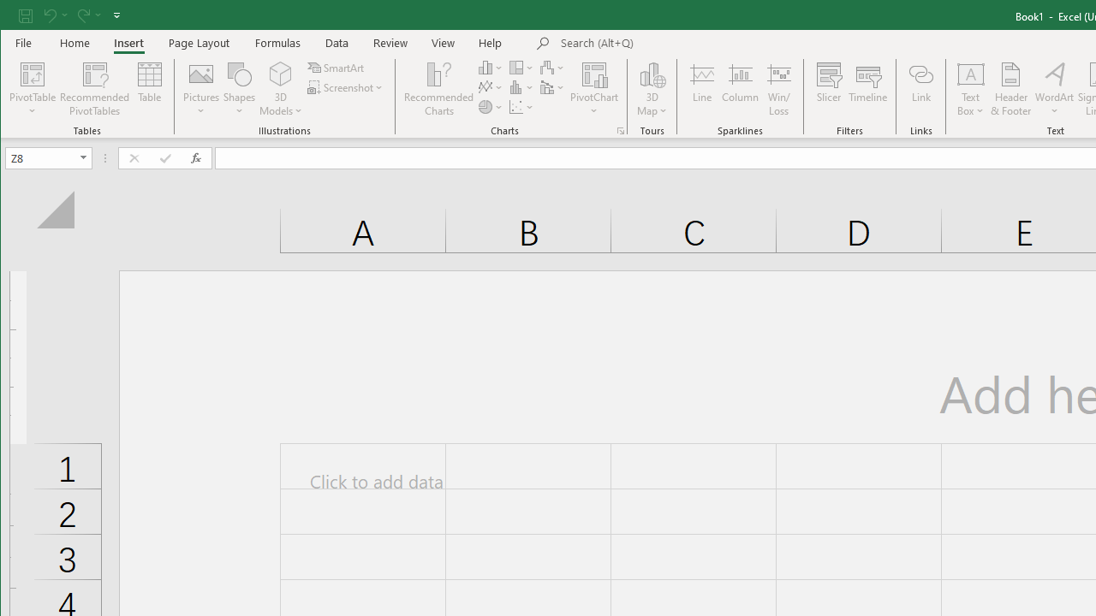  I want to click on 'PivotTable', so click(33, 89).